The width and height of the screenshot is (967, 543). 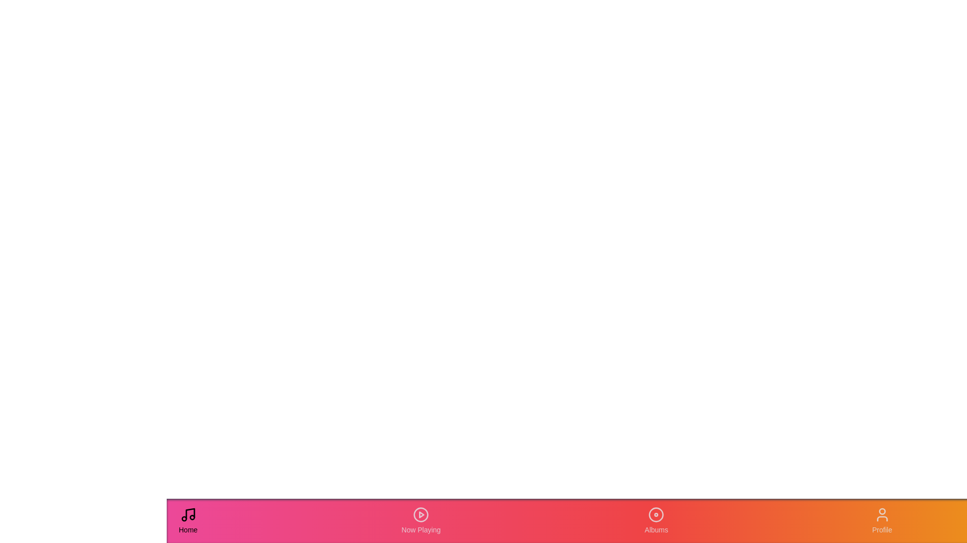 What do you see at coordinates (188, 520) in the screenshot?
I see `the icon corresponding to Home` at bounding box center [188, 520].